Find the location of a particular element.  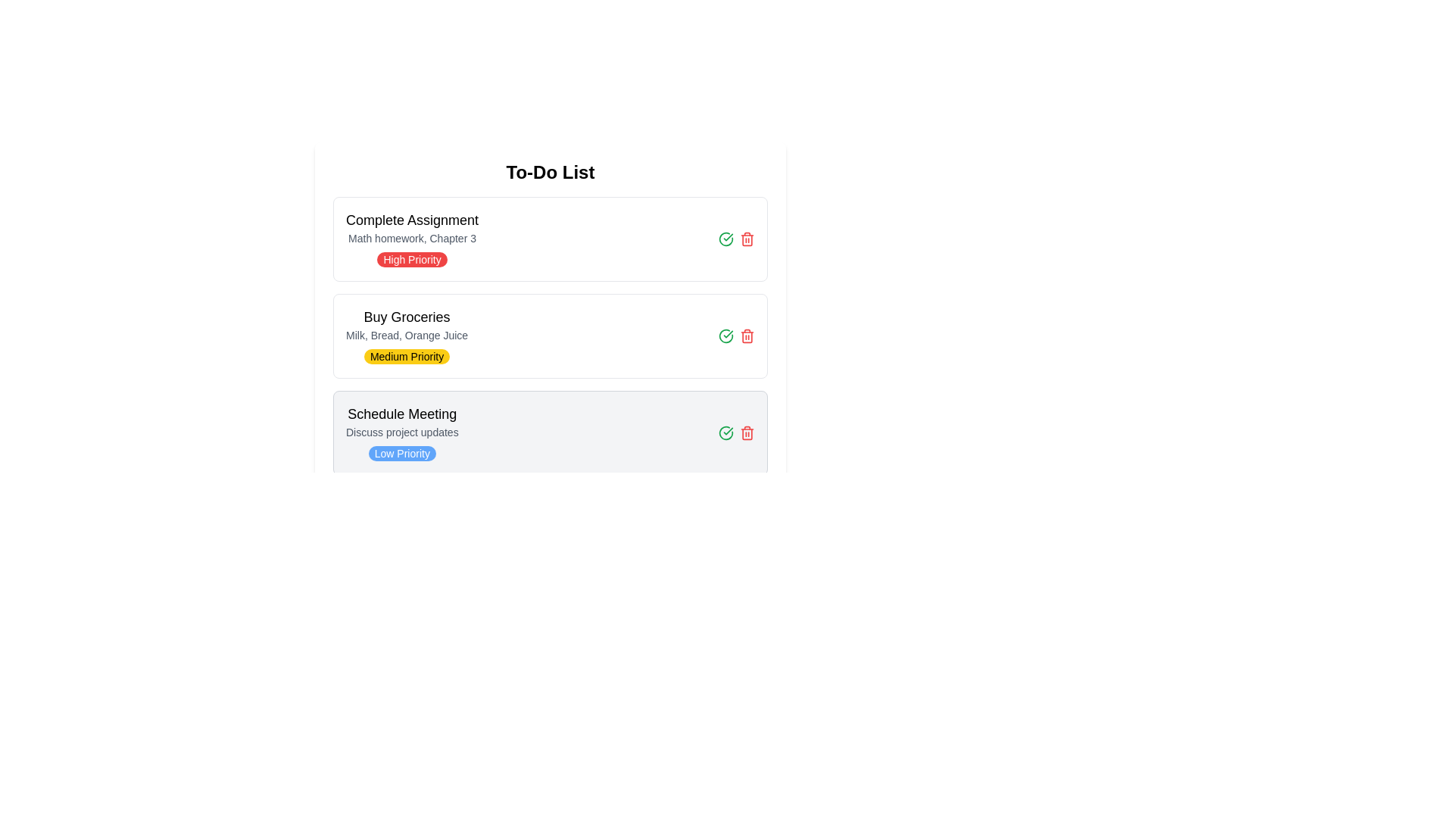

the red trash bin icon, which is the second icon in the row for 'Buy Groceries' is located at coordinates (747, 335).